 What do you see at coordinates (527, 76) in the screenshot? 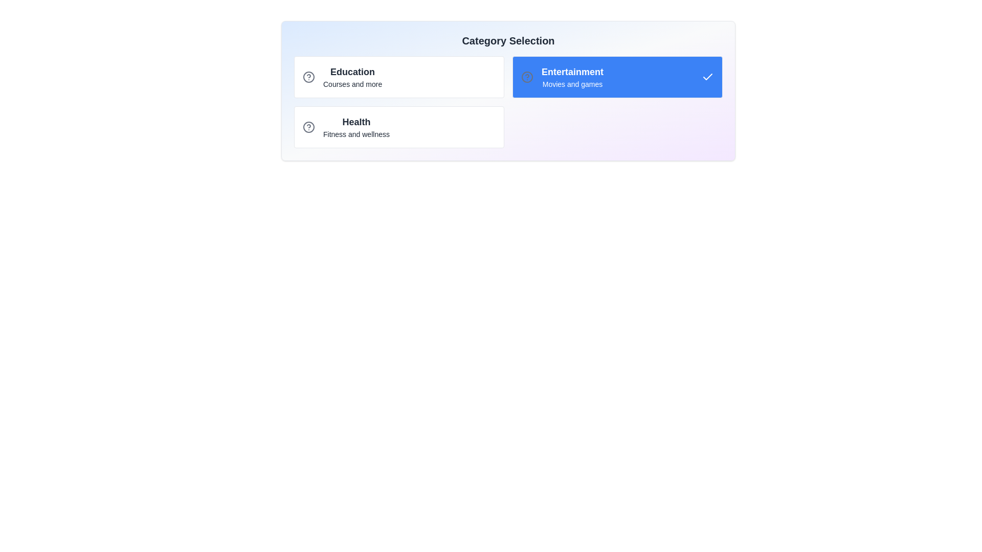
I see `the help icon next to the category Entertainment to view its description` at bounding box center [527, 76].